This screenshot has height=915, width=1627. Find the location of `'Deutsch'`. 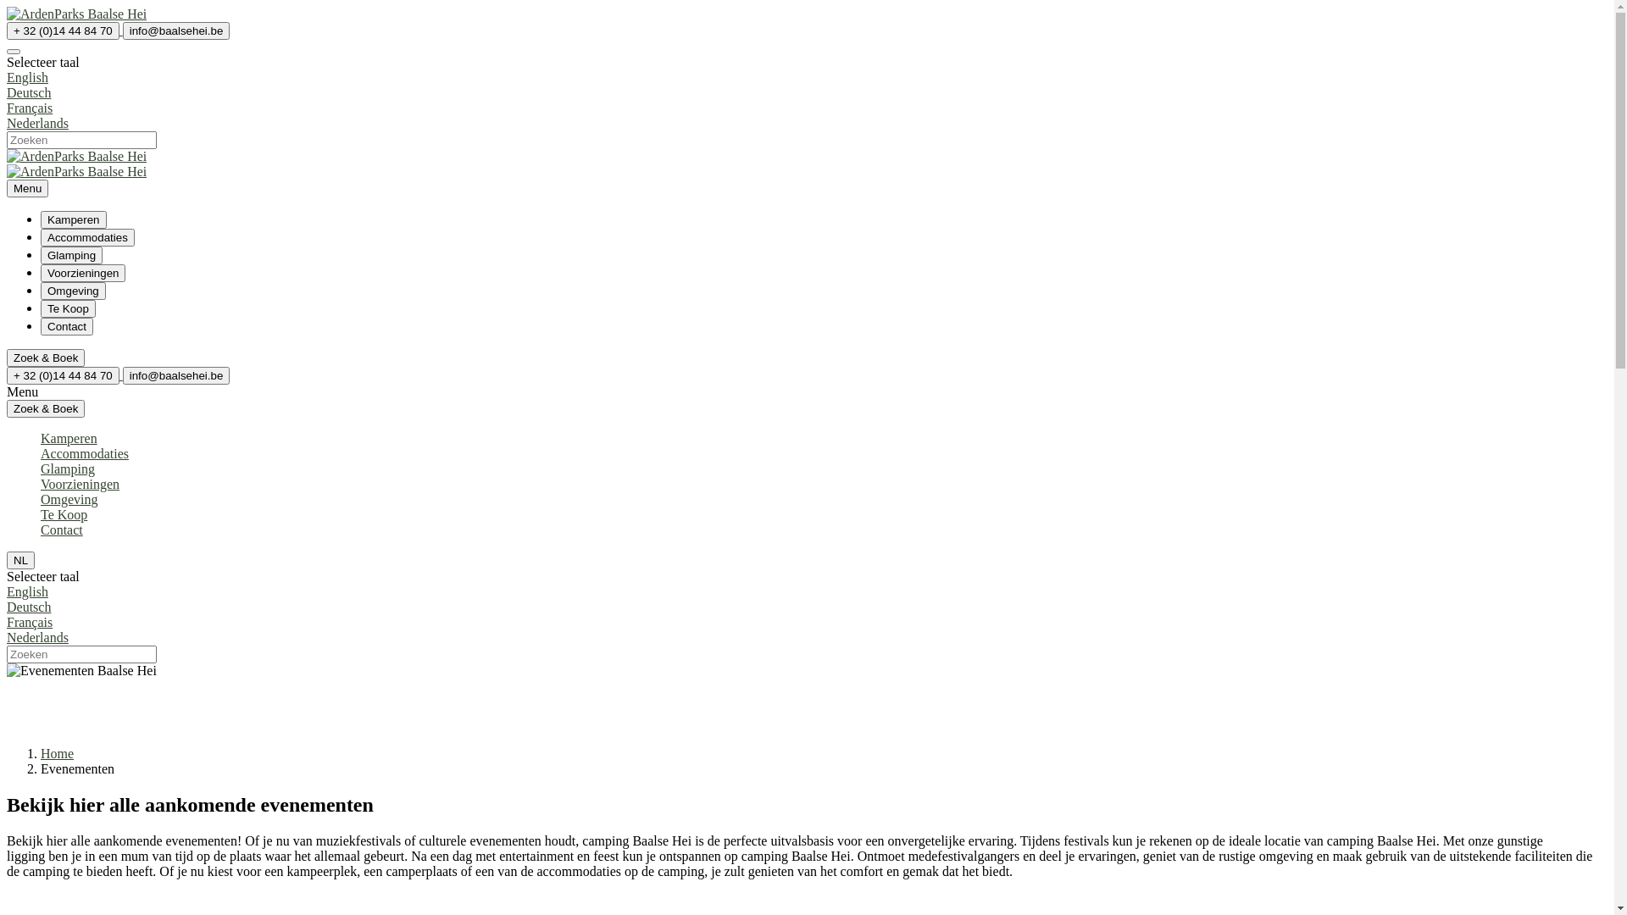

'Deutsch' is located at coordinates (7, 614).